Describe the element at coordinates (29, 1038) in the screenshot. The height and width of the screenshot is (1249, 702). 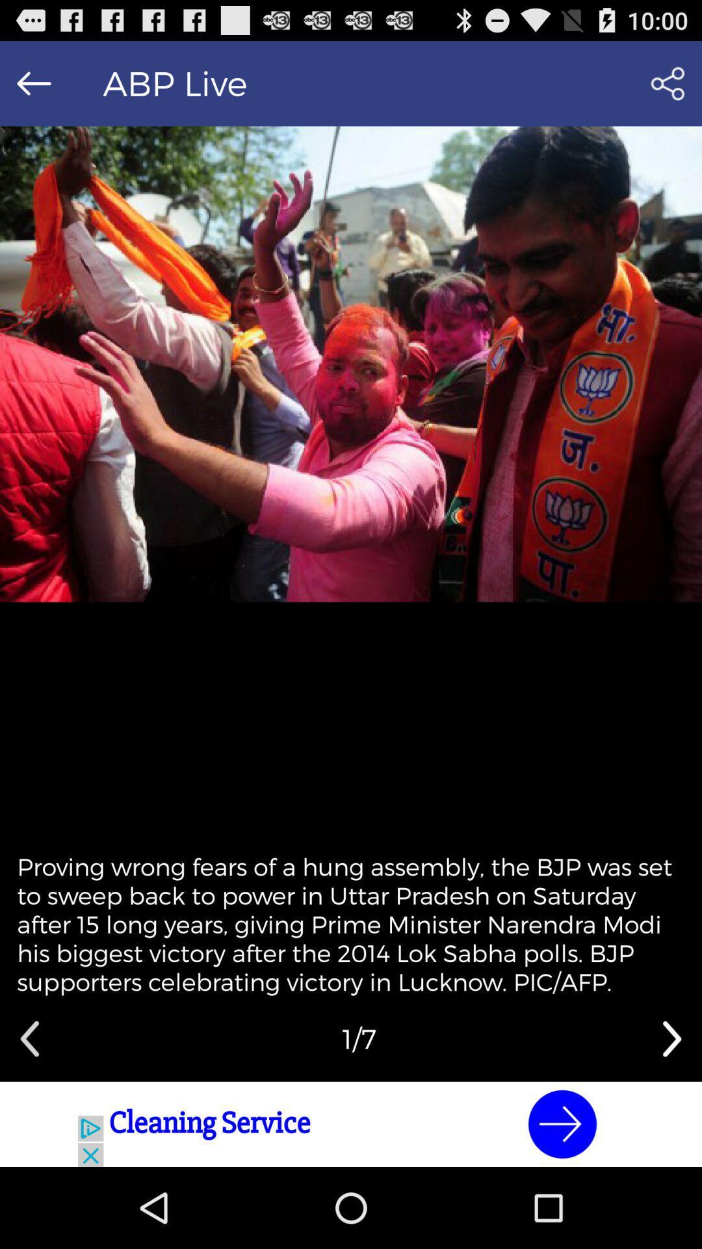
I see `previous` at that location.